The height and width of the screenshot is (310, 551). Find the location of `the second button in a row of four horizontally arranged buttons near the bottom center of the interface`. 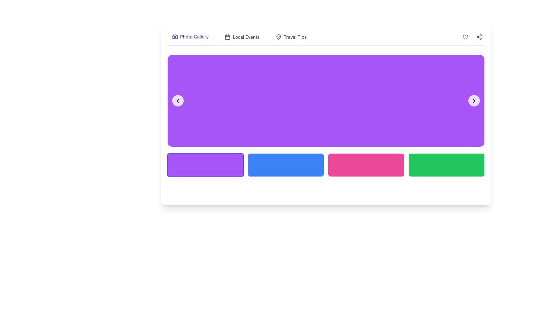

the second button in a row of four horizontally arranged buttons near the bottom center of the interface is located at coordinates (286, 165).